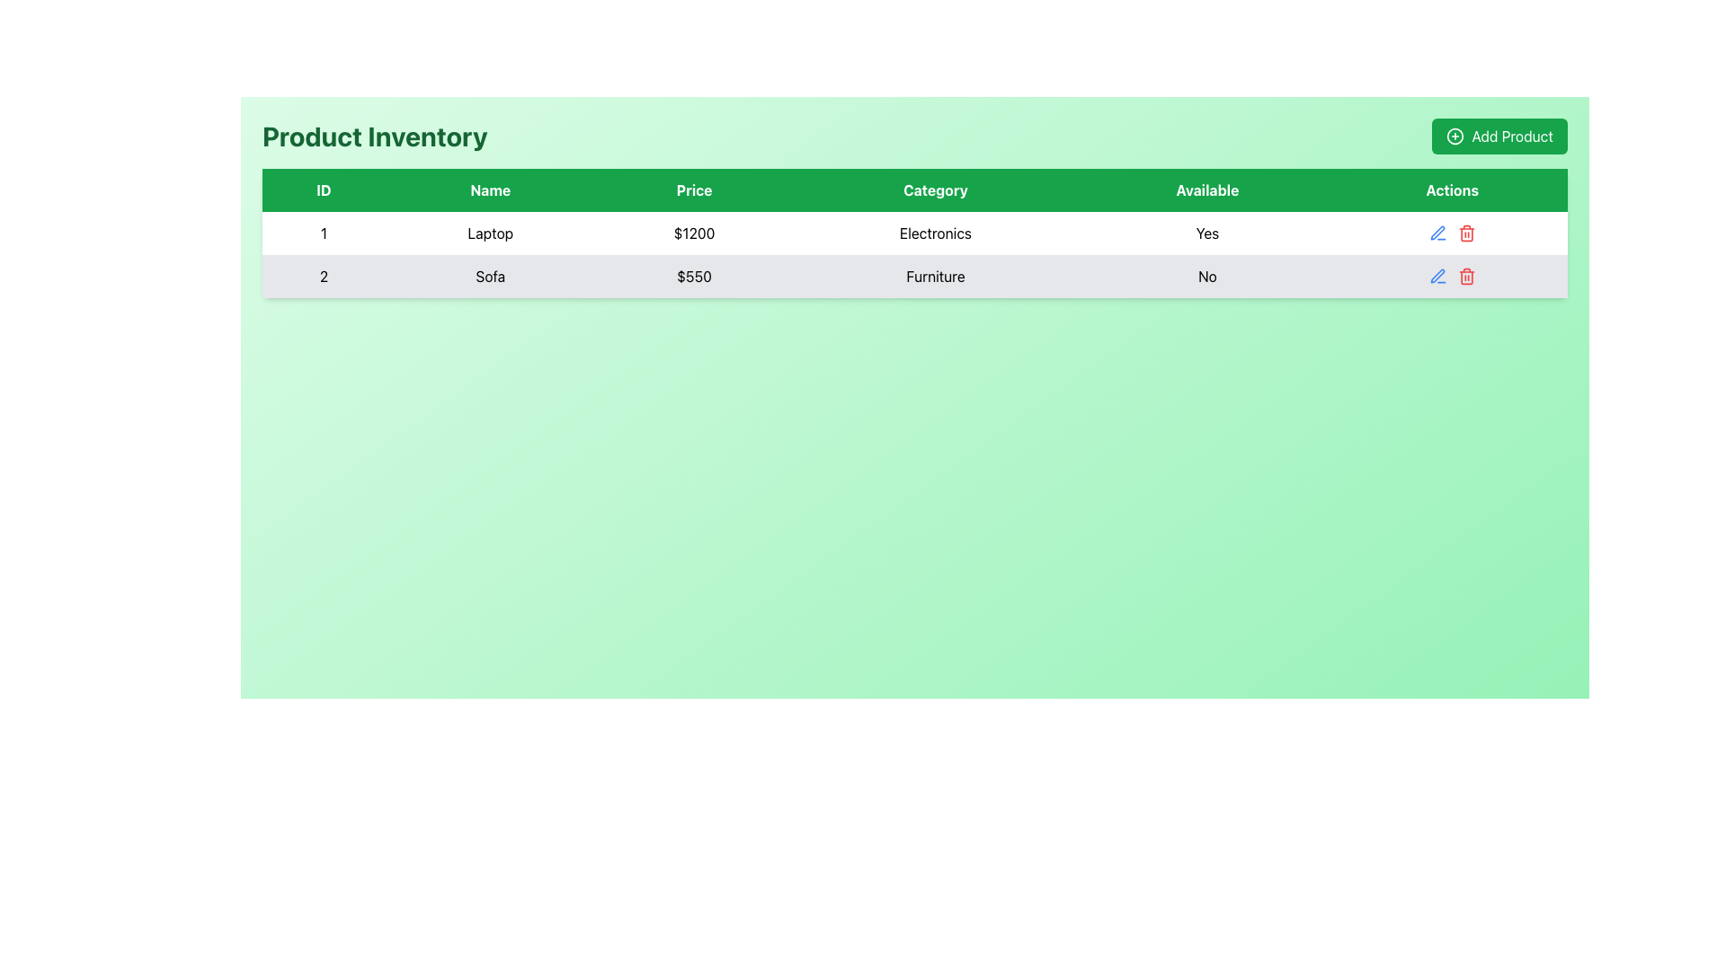 Image resolution: width=1726 pixels, height=970 pixels. What do you see at coordinates (1455, 135) in the screenshot?
I see `the circular SVG graphic element that represents a plus symbol inside a circle, located within the green 'Add Product' button` at bounding box center [1455, 135].